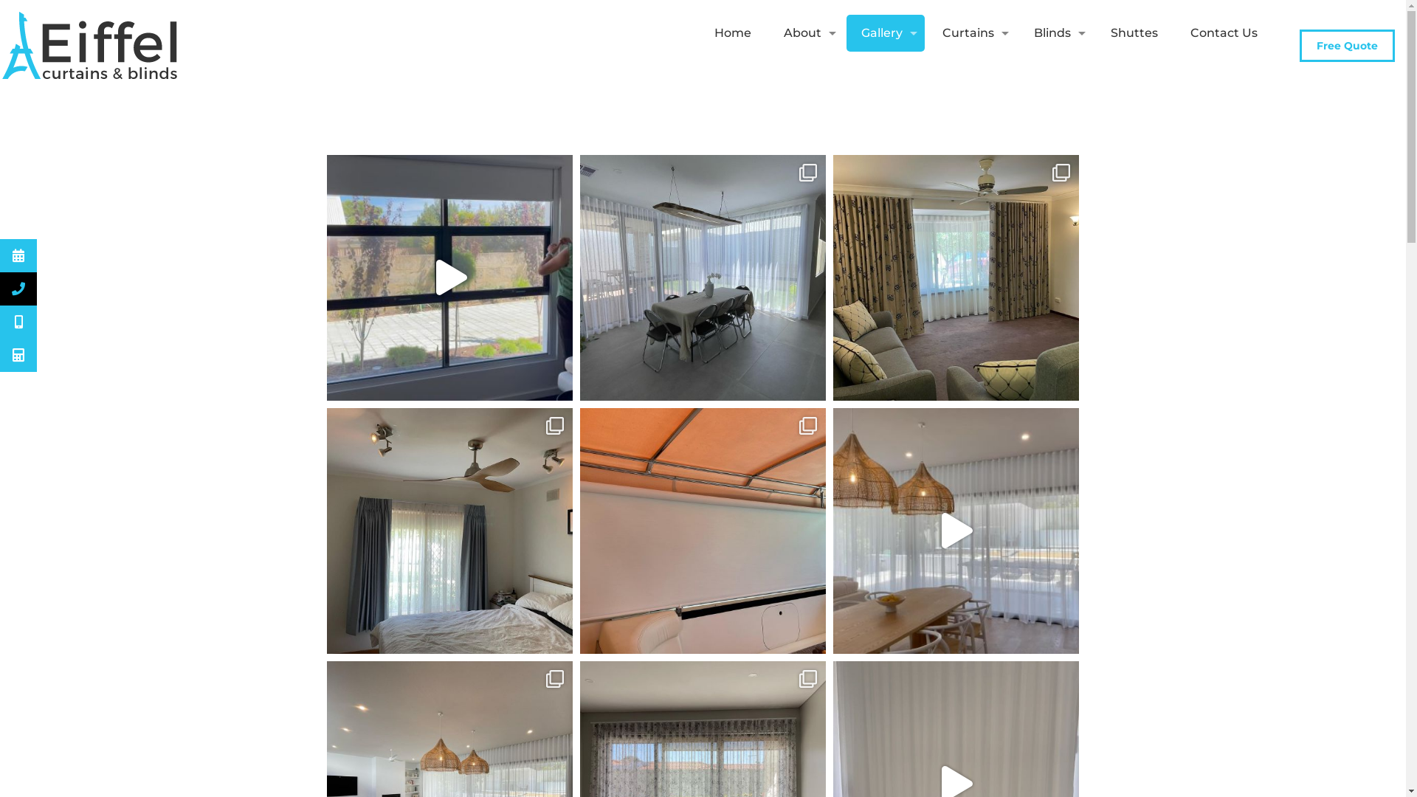  Describe the element at coordinates (1347, 44) in the screenshot. I see `'Free Quote'` at that location.